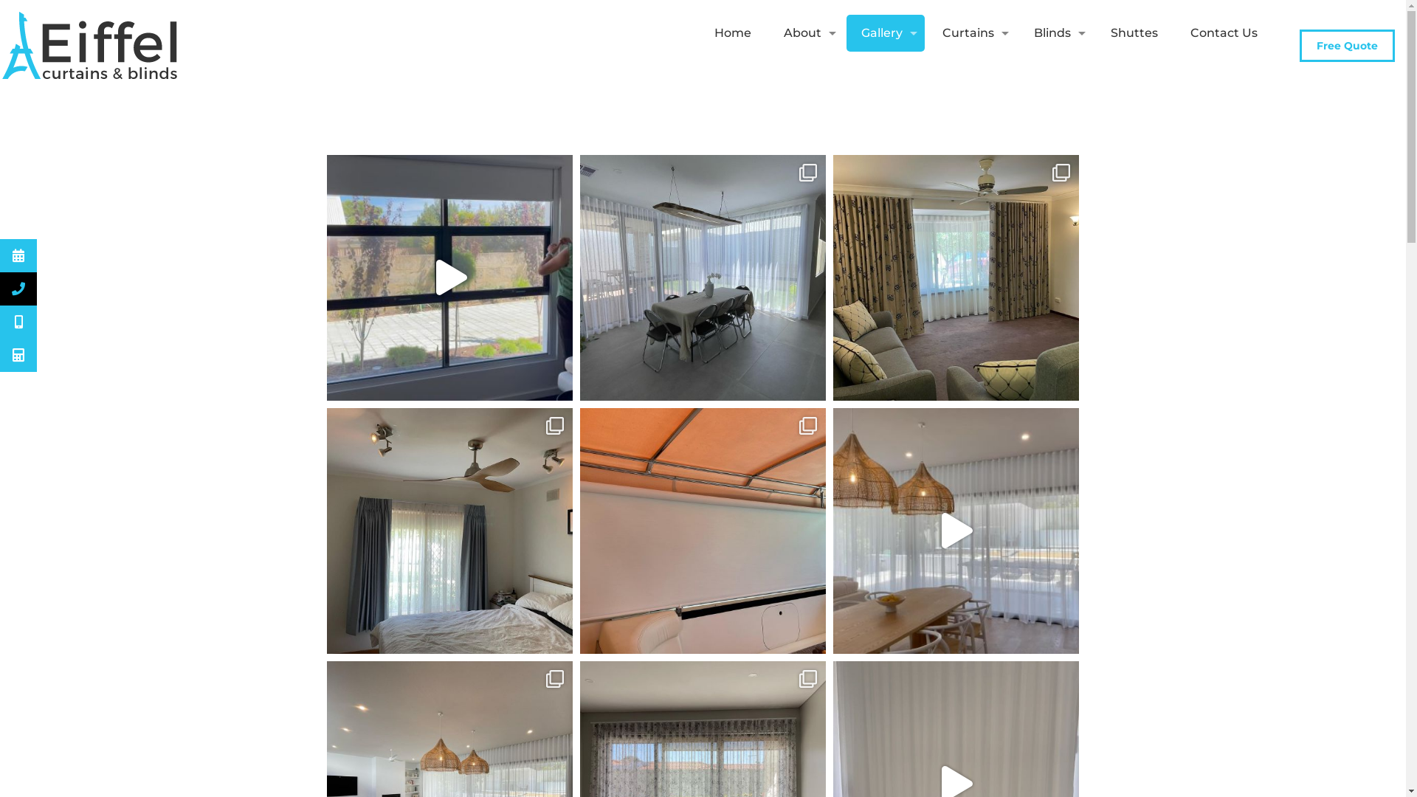  Describe the element at coordinates (1347, 44) in the screenshot. I see `'Free Quote'` at that location.